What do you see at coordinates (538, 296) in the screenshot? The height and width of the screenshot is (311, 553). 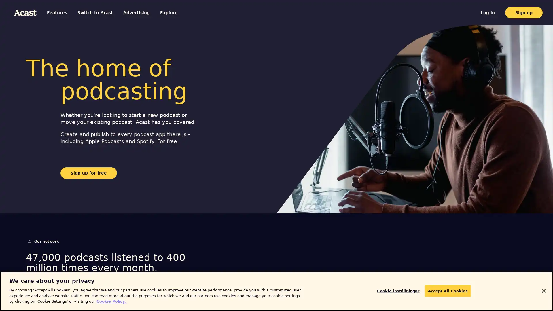 I see `Open Intercom Messenger` at bounding box center [538, 296].